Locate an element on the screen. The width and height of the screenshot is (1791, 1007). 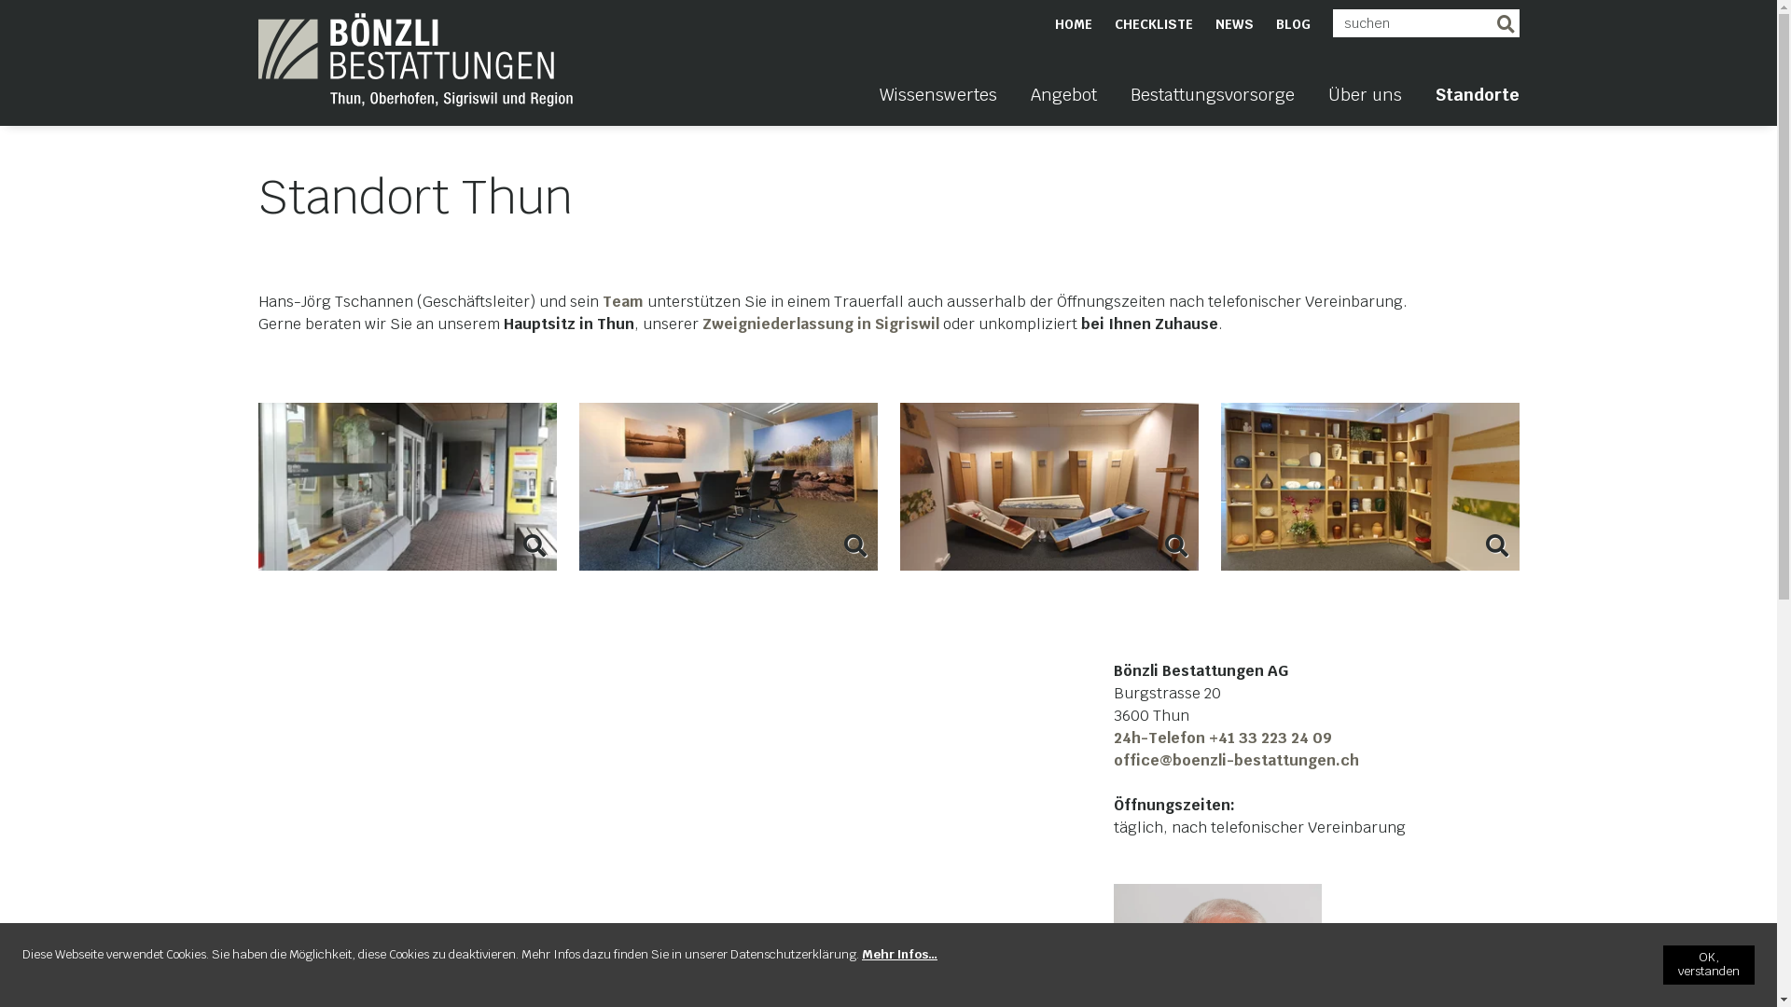
'CHECKLISTE' is located at coordinates (1152, 24).